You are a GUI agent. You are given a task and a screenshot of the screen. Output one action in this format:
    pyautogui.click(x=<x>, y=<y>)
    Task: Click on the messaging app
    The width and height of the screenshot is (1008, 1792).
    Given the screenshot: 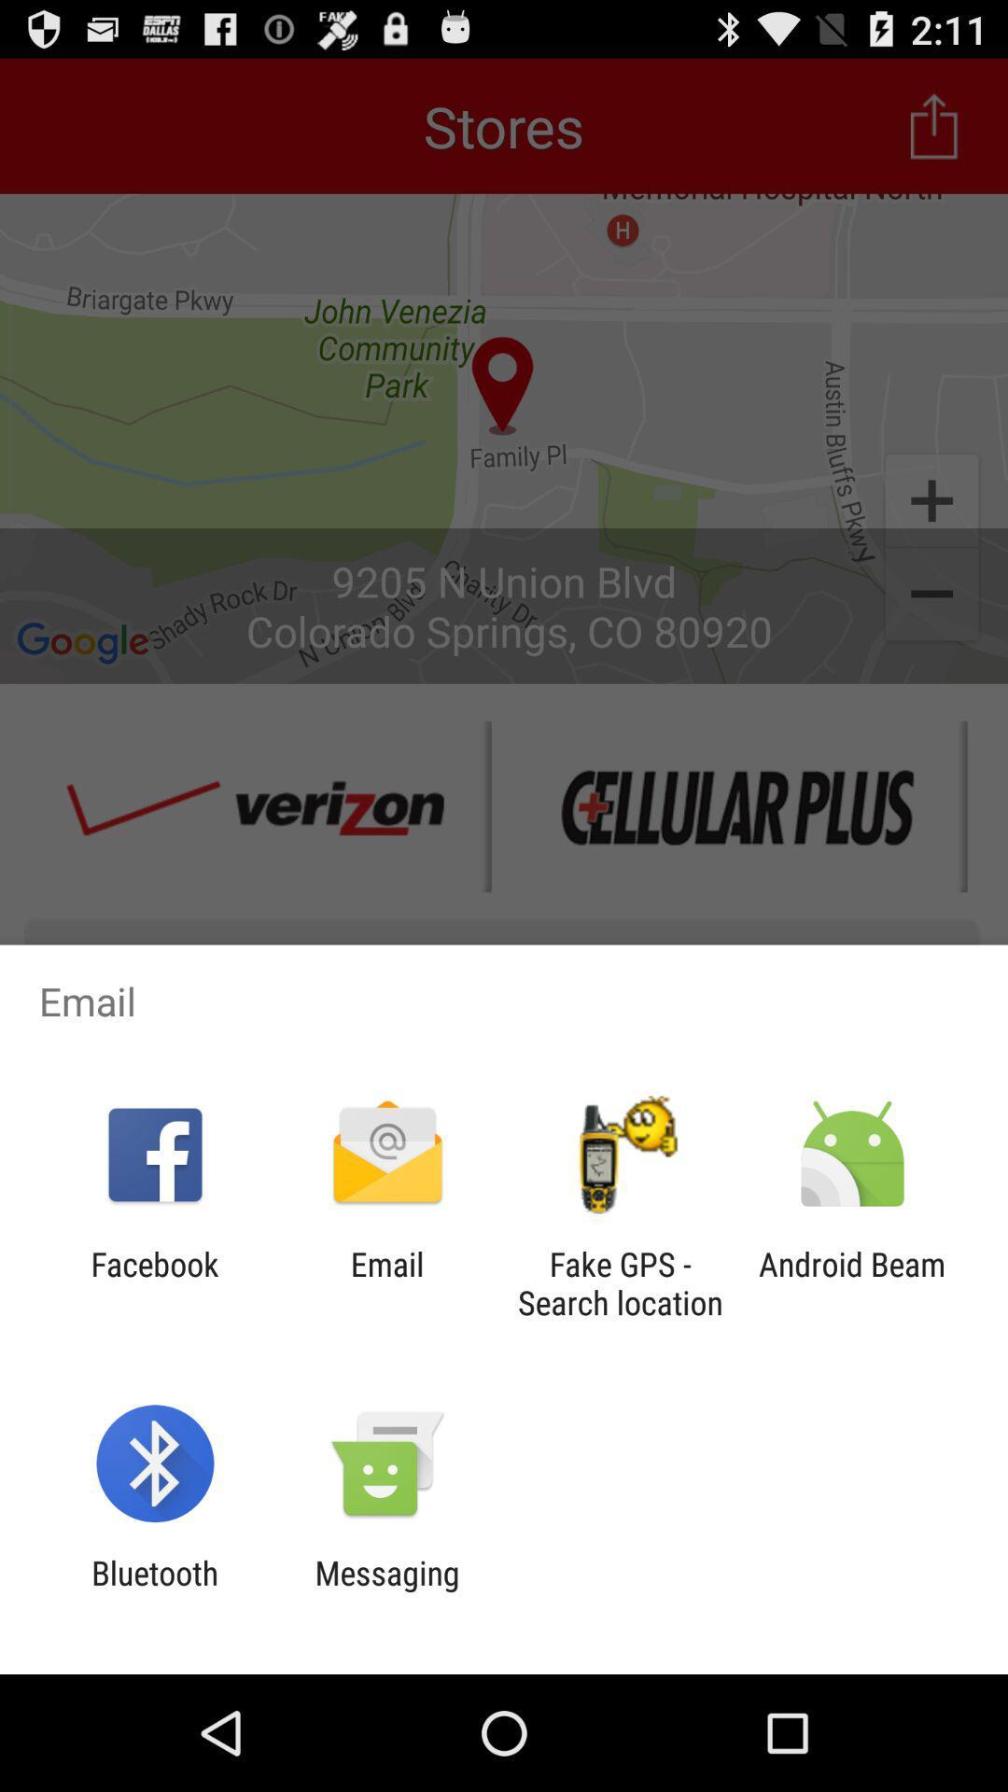 What is the action you would take?
    pyautogui.click(x=386, y=1591)
    